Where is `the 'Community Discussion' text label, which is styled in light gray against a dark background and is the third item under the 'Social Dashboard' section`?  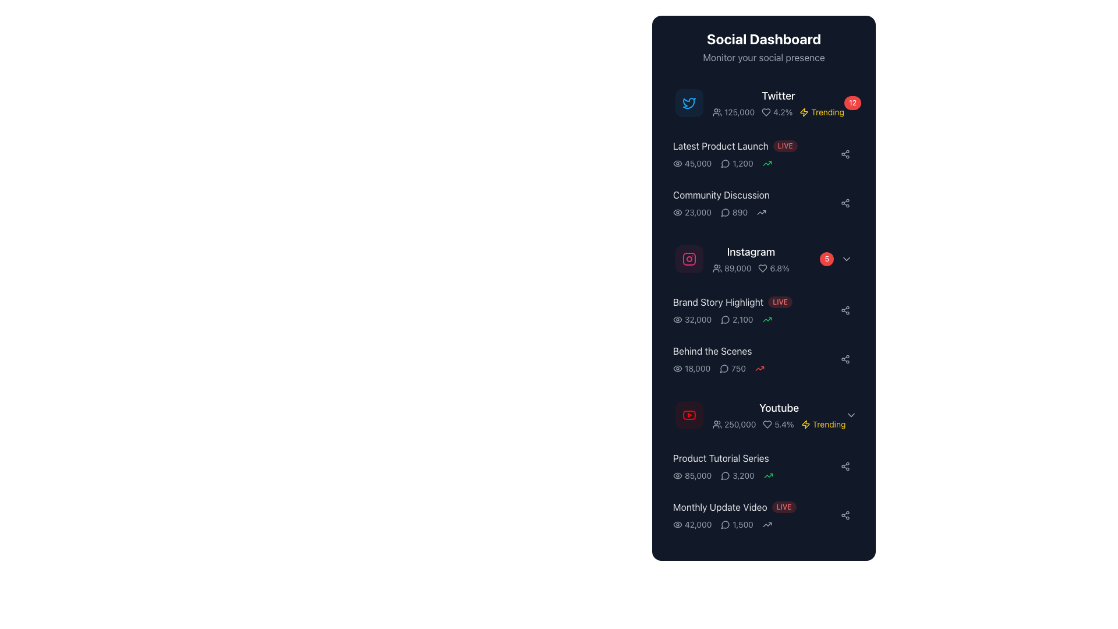
the 'Community Discussion' text label, which is styled in light gray against a dark background and is the third item under the 'Social Dashboard' section is located at coordinates (720, 195).